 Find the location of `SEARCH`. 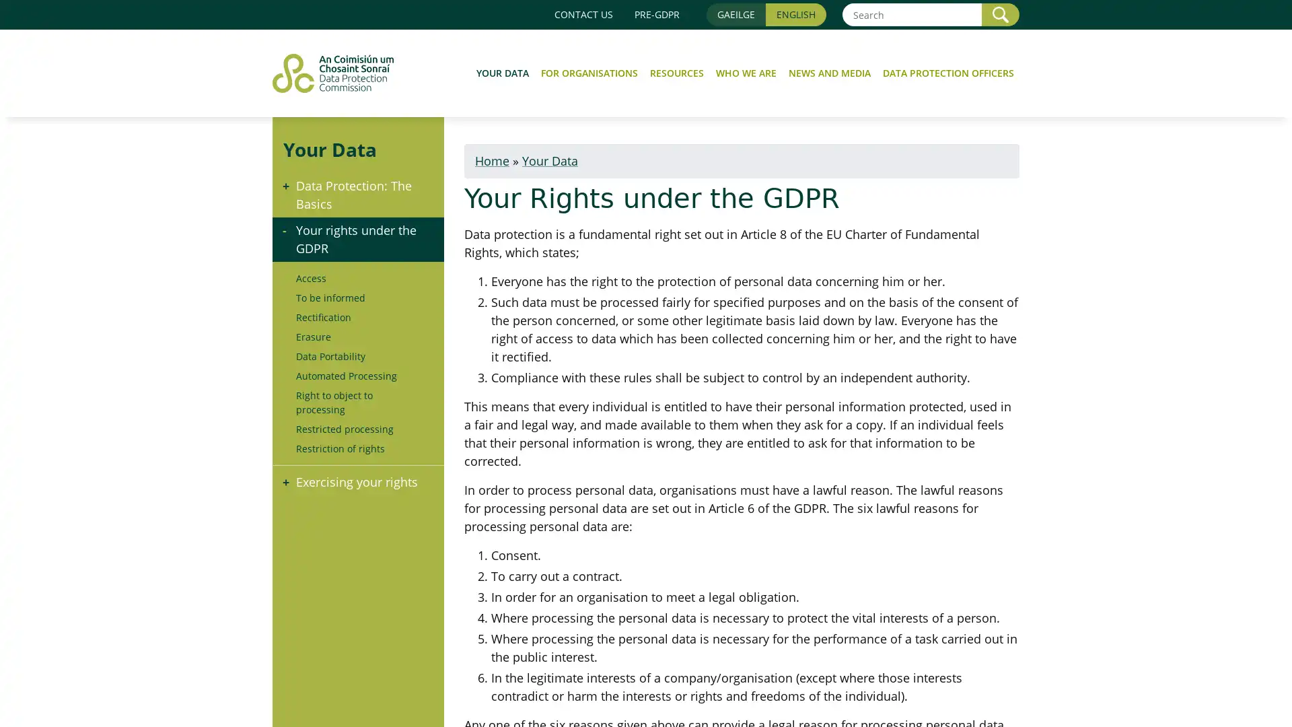

SEARCH is located at coordinates (1001, 14).